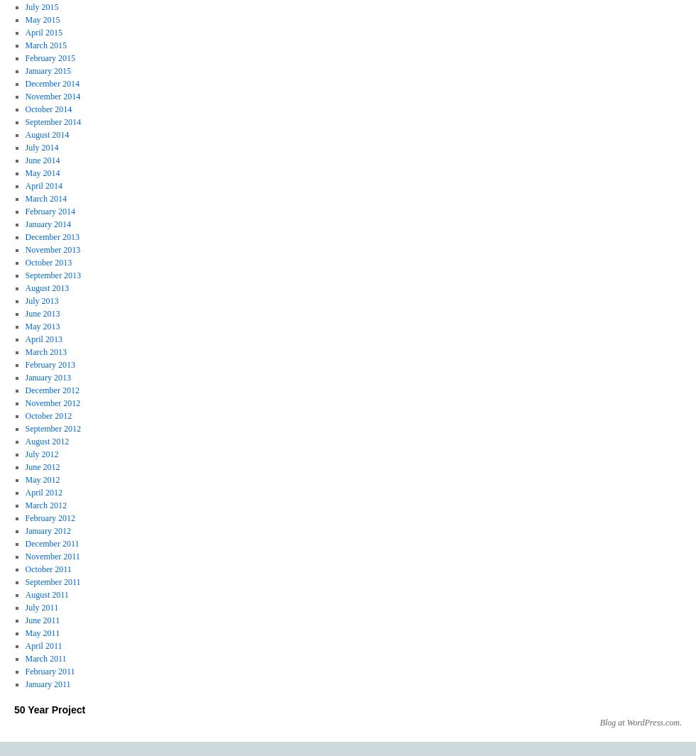 The image size is (696, 756). I want to click on 'April 2013', so click(24, 338).